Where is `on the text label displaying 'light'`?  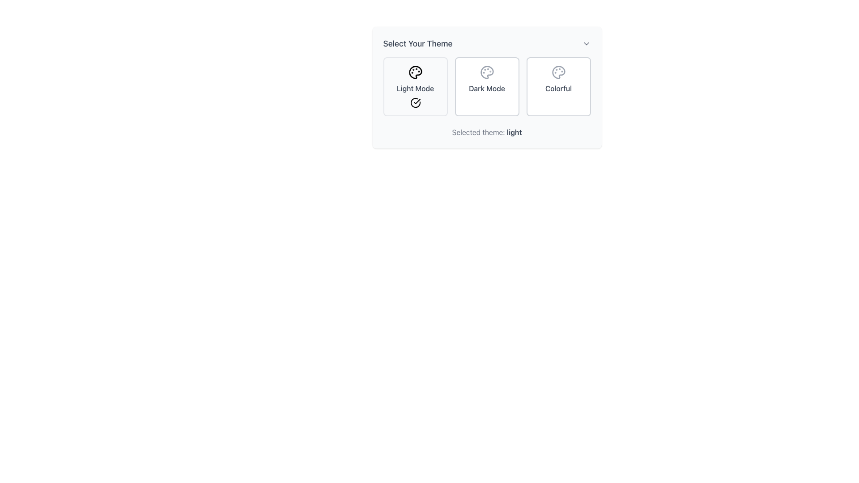 on the text label displaying 'light' is located at coordinates (514, 132).